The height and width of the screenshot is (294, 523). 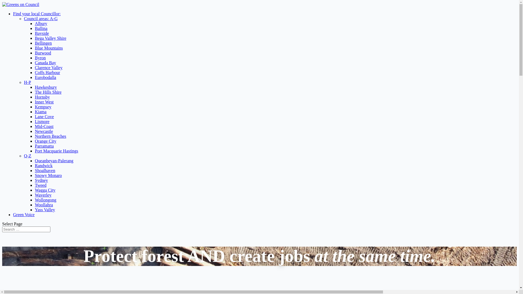 I want to click on 'Burwood', so click(x=43, y=53).